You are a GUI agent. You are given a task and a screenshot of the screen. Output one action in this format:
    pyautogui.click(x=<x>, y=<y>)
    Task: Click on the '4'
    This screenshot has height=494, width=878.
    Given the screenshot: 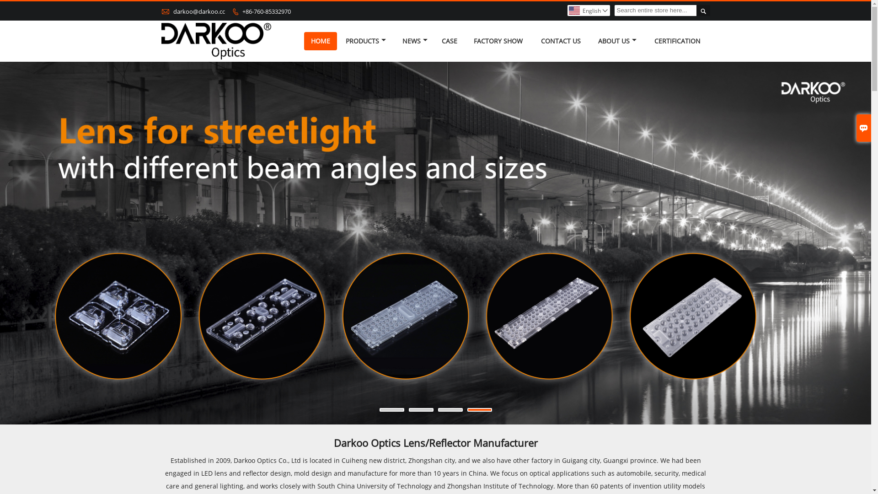 What is the action you would take?
    pyautogui.click(x=479, y=409)
    